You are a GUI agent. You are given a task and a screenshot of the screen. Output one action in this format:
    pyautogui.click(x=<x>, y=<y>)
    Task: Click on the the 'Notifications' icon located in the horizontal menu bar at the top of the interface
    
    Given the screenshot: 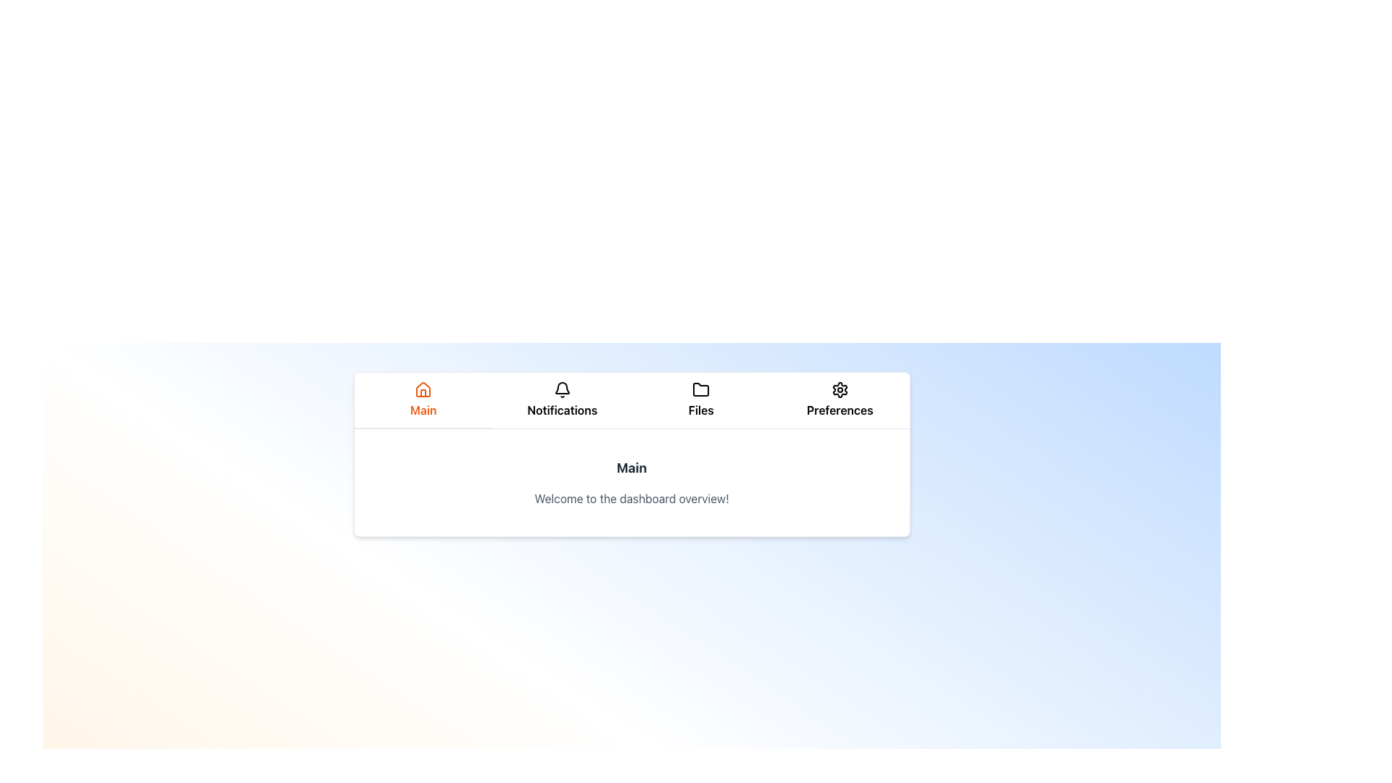 What is the action you would take?
    pyautogui.click(x=561, y=389)
    